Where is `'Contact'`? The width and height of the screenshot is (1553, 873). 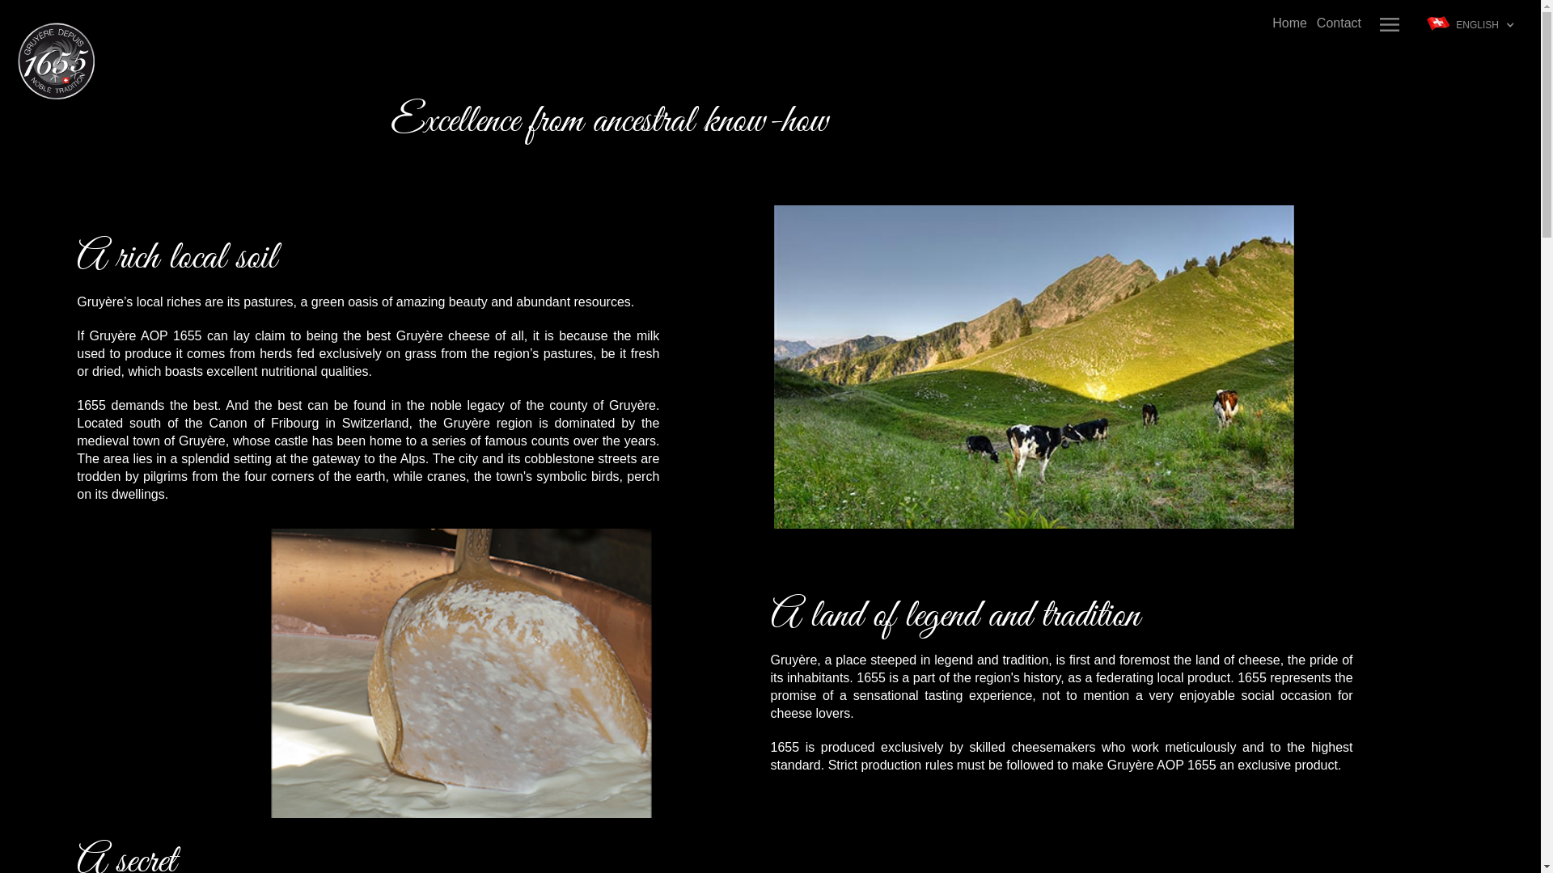
'Contact' is located at coordinates (1339, 23).